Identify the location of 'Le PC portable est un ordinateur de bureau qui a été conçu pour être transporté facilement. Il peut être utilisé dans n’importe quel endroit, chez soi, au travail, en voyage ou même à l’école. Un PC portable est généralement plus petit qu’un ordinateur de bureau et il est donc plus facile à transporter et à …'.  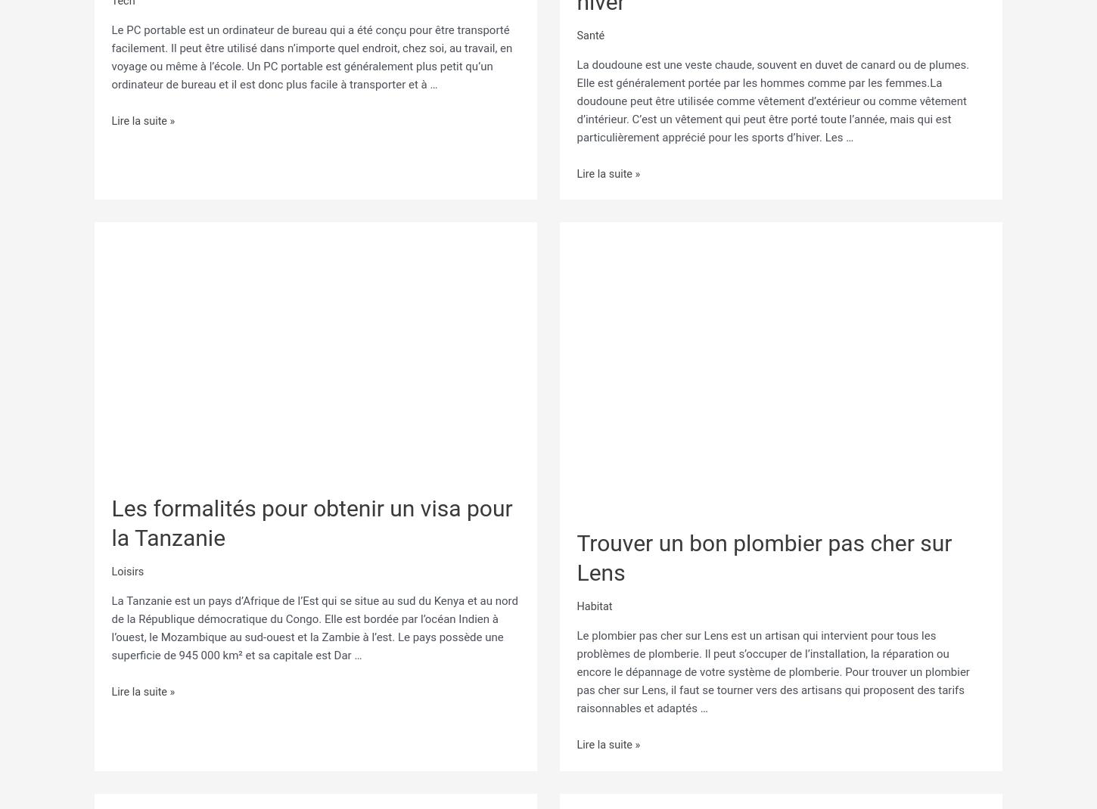
(310, 51).